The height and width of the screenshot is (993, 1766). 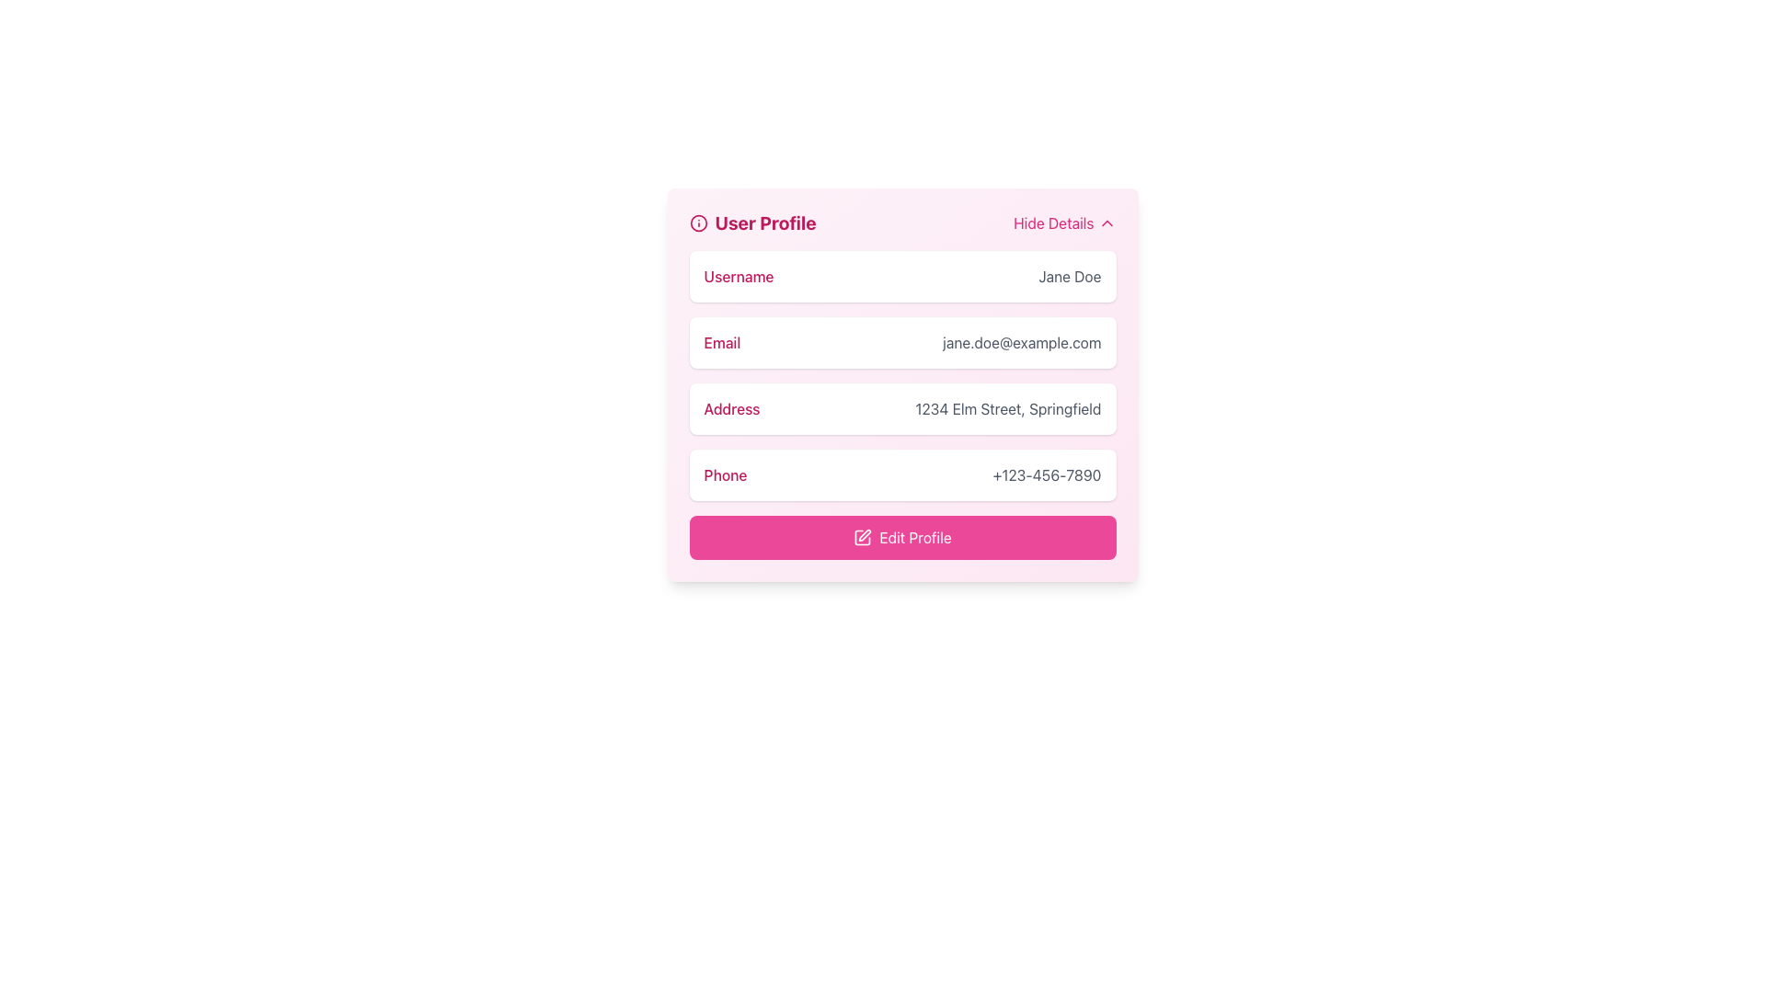 What do you see at coordinates (721, 343) in the screenshot?
I see `the static label positioned to the left of the email address input 'jane.doe@example.com' in the second row of the user profile card` at bounding box center [721, 343].